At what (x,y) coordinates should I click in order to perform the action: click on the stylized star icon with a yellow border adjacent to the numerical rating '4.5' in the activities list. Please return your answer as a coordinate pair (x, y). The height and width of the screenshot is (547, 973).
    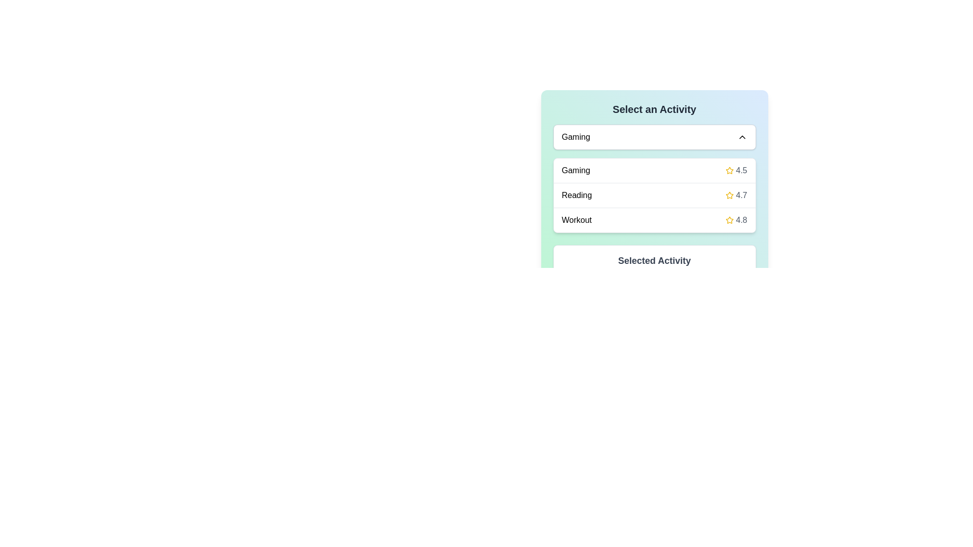
    Looking at the image, I should click on (730, 170).